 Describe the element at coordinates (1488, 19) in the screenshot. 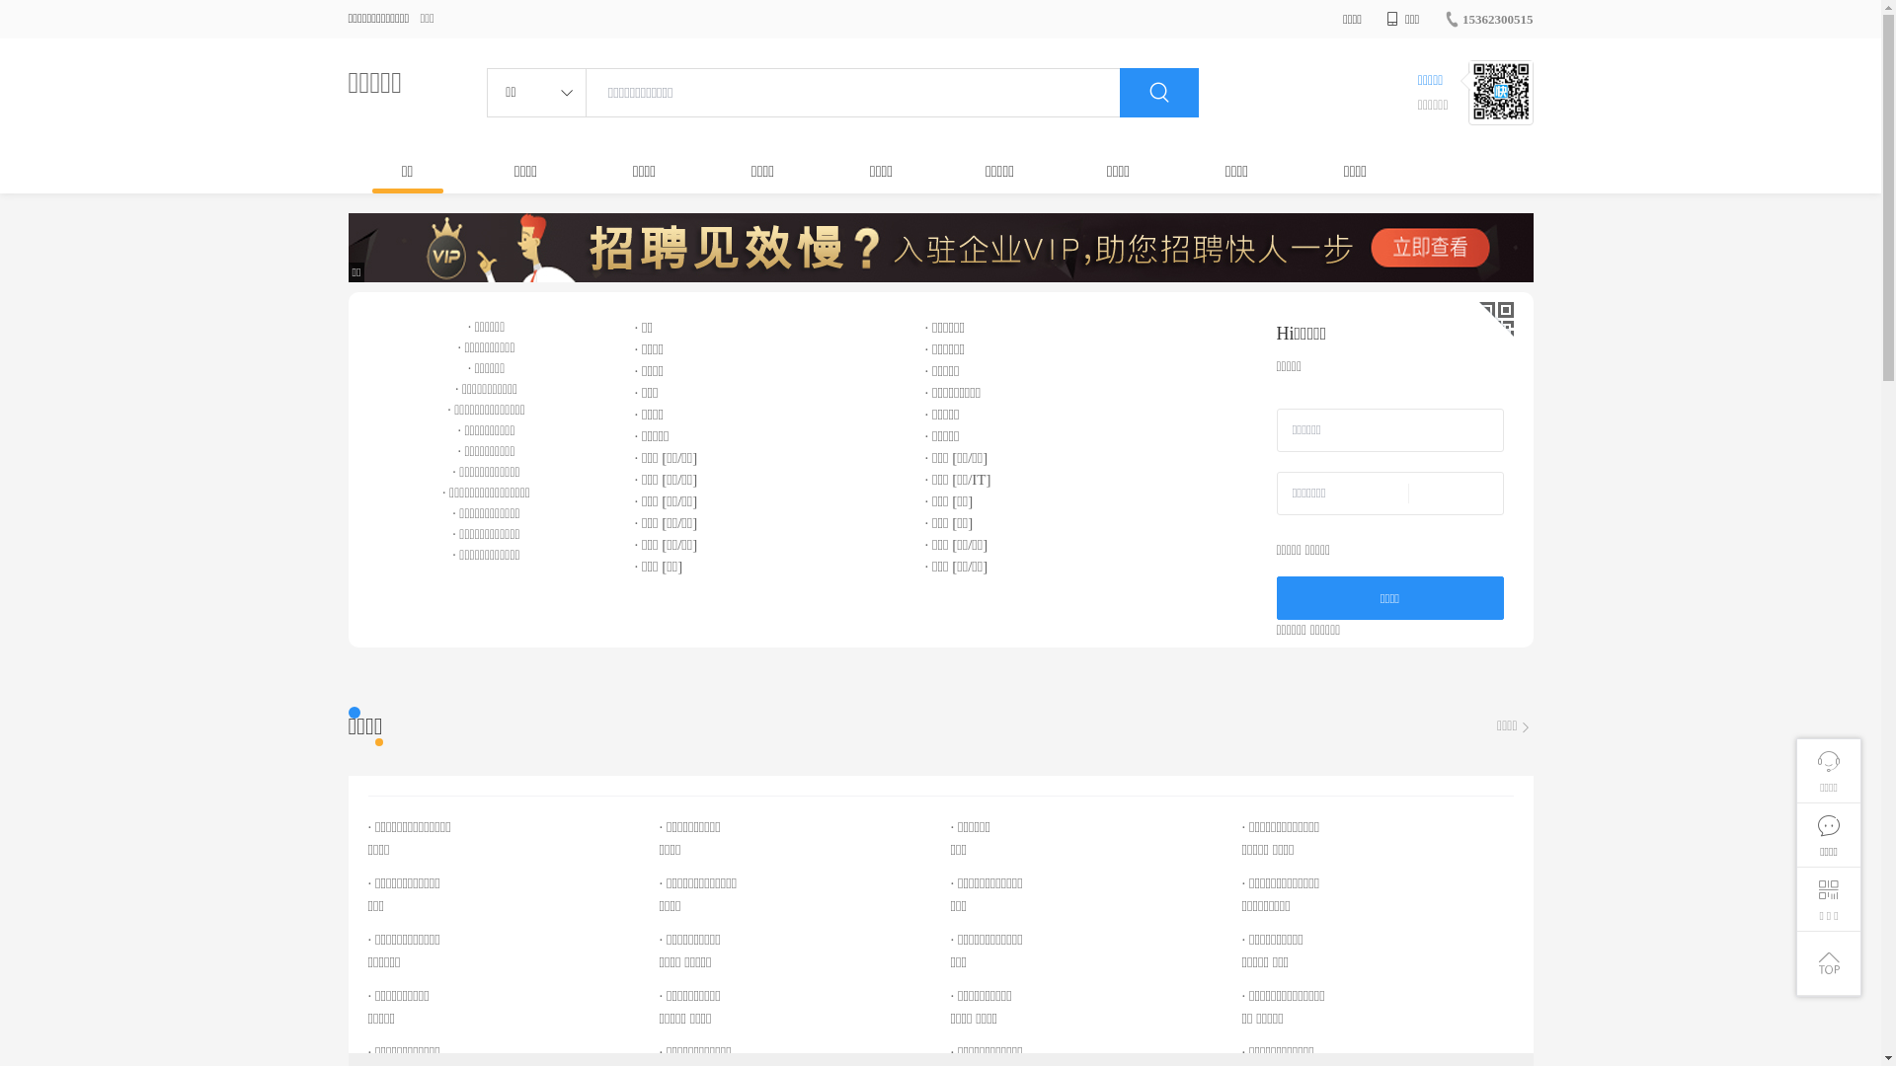

I see `'15362300515'` at that location.